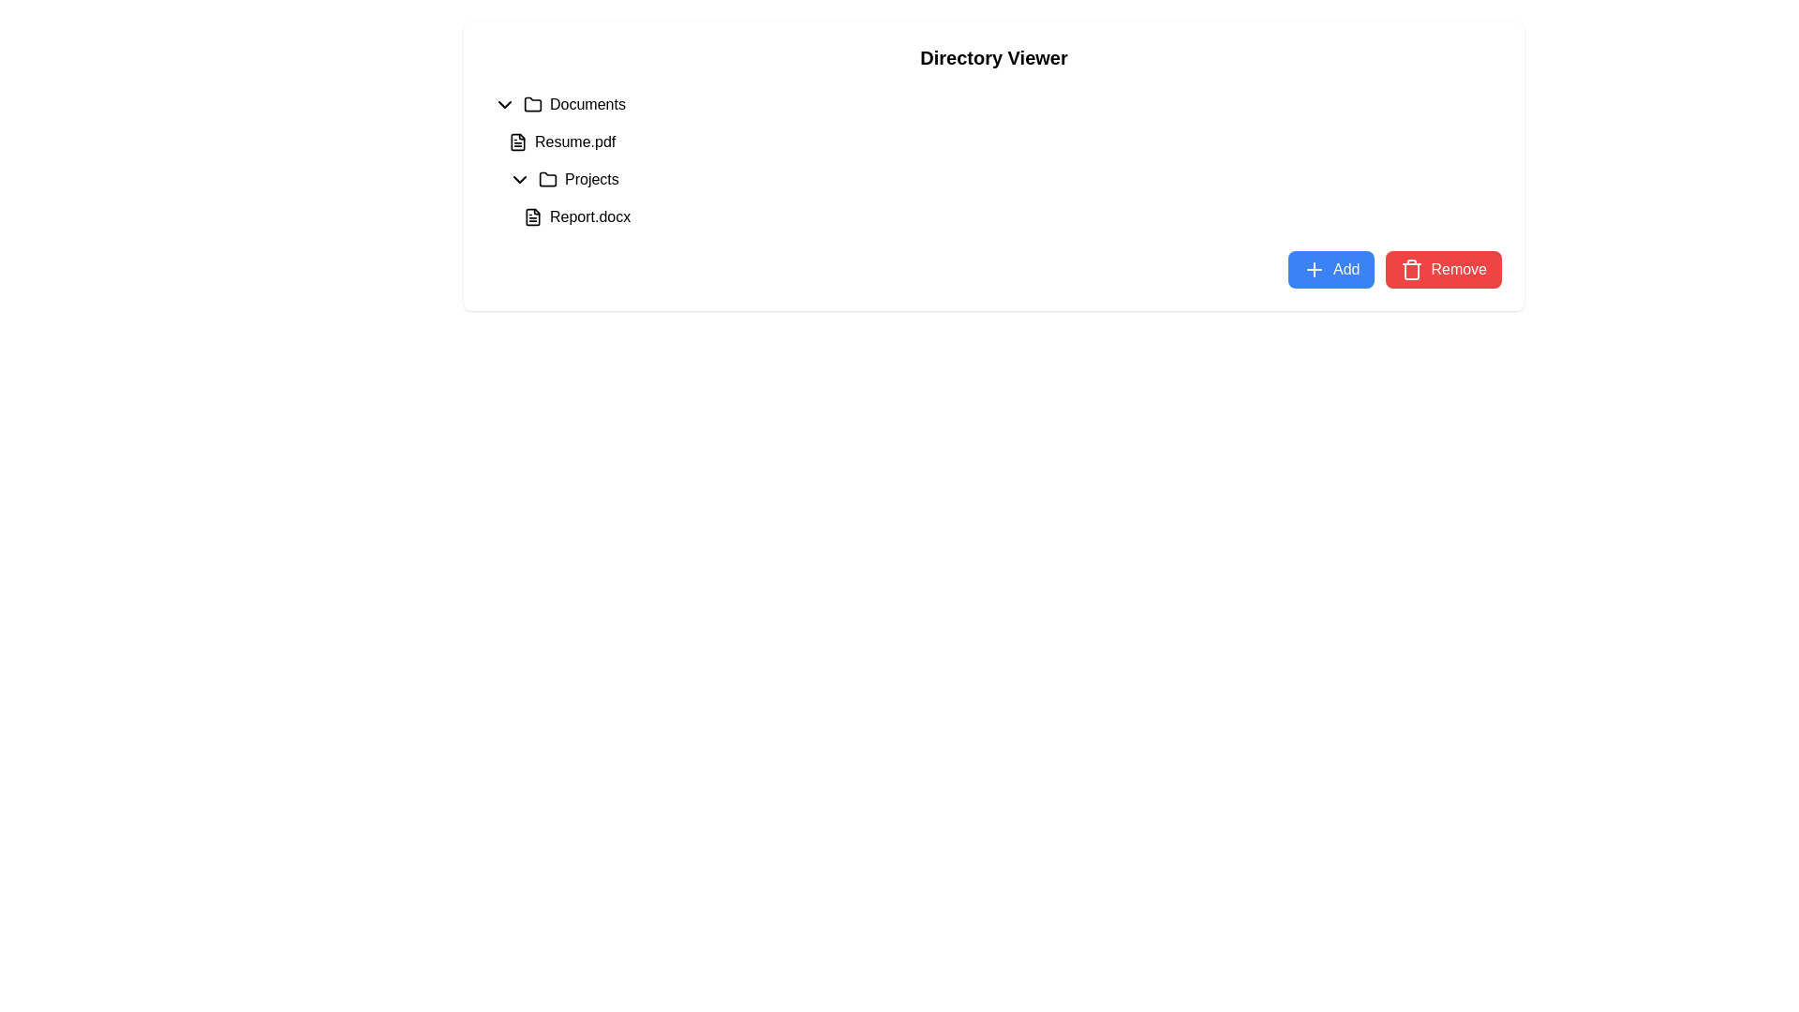  I want to click on the 'Documents' text label, which is part of a collapsible menu located to the right of the folder icon in the top-left corner of the interface, so click(587, 104).